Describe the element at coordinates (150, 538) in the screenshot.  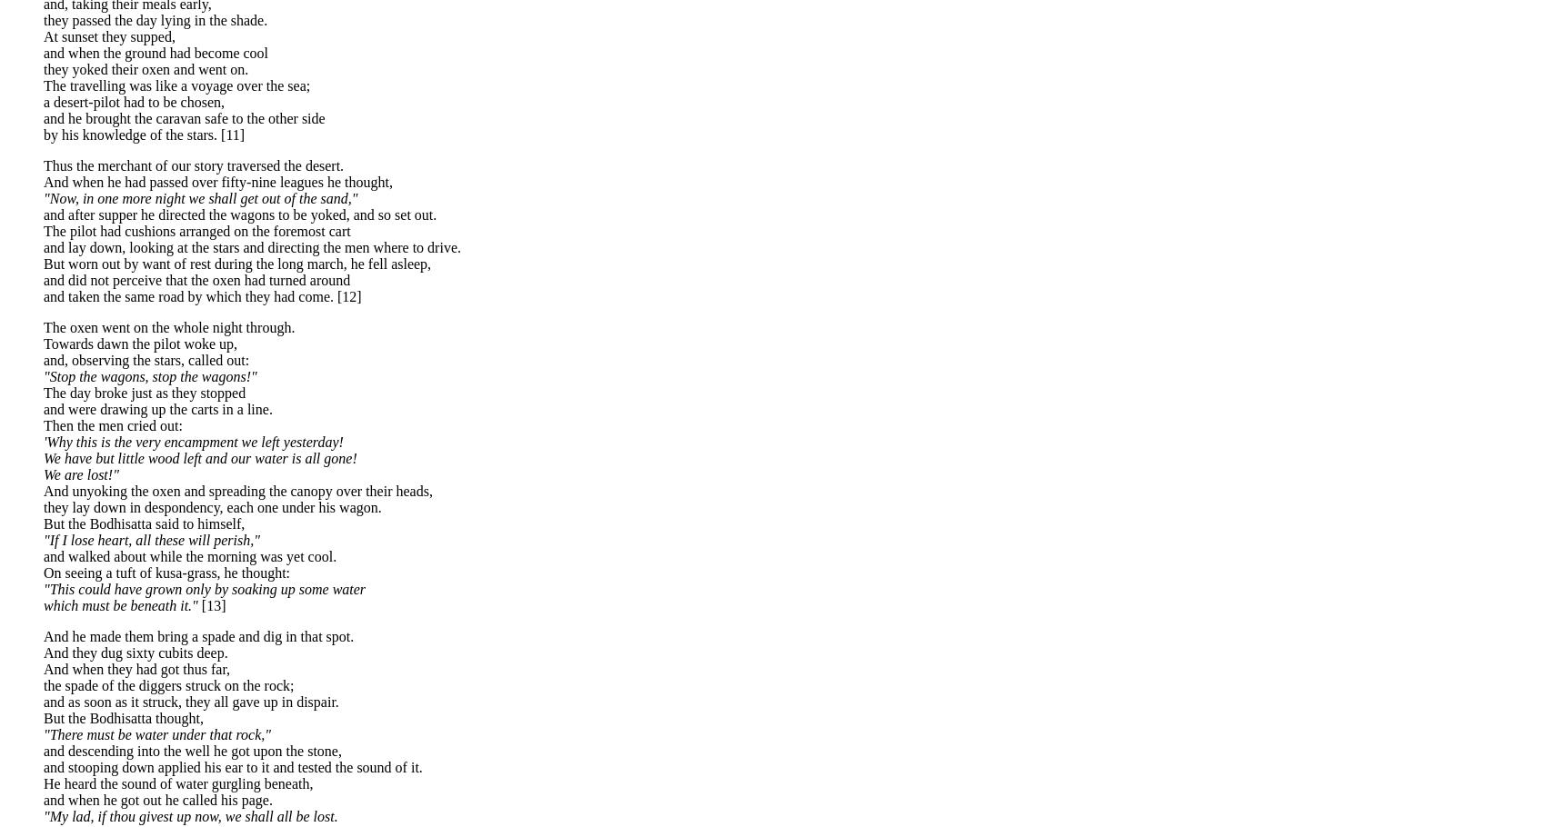
I see `'"If  I  lose heart,  all these will perish,"'` at that location.